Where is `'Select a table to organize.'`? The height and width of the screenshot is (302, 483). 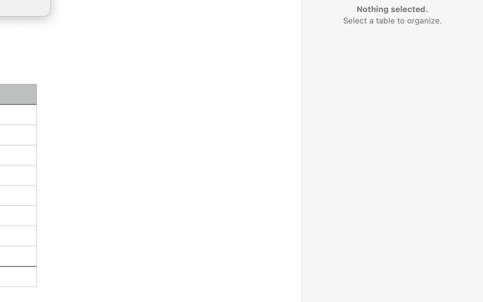
'Select a table to organize.' is located at coordinates (392, 20).